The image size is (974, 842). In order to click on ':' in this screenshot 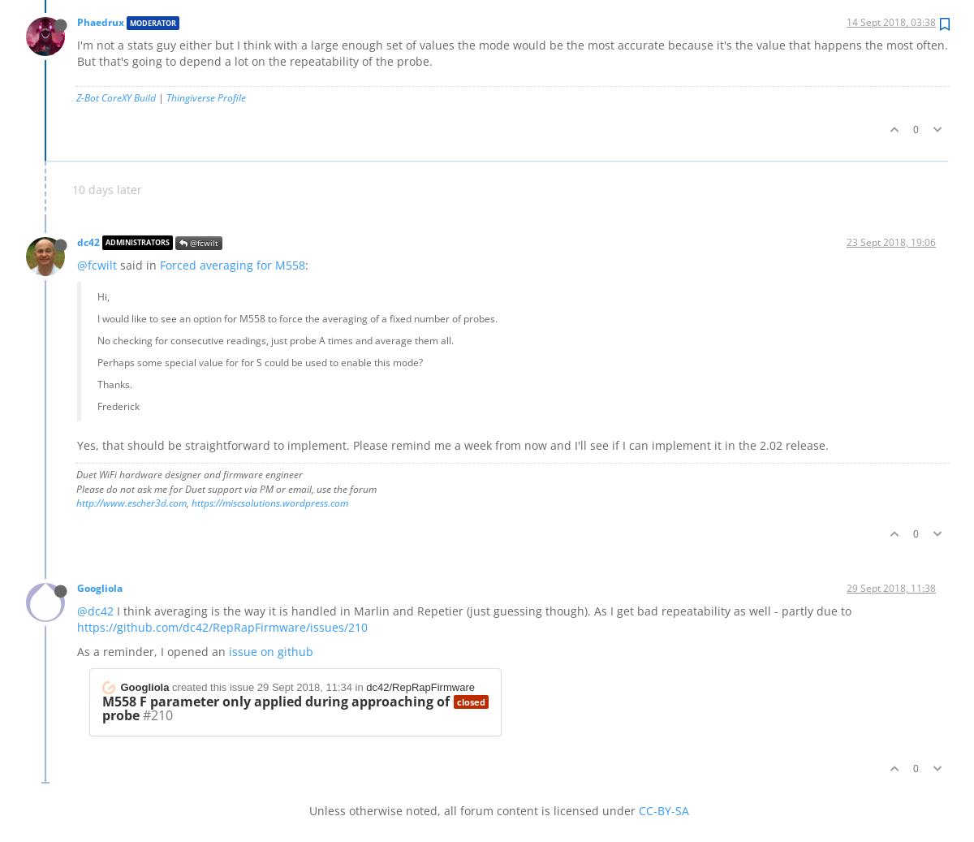, I will do `click(307, 263)`.